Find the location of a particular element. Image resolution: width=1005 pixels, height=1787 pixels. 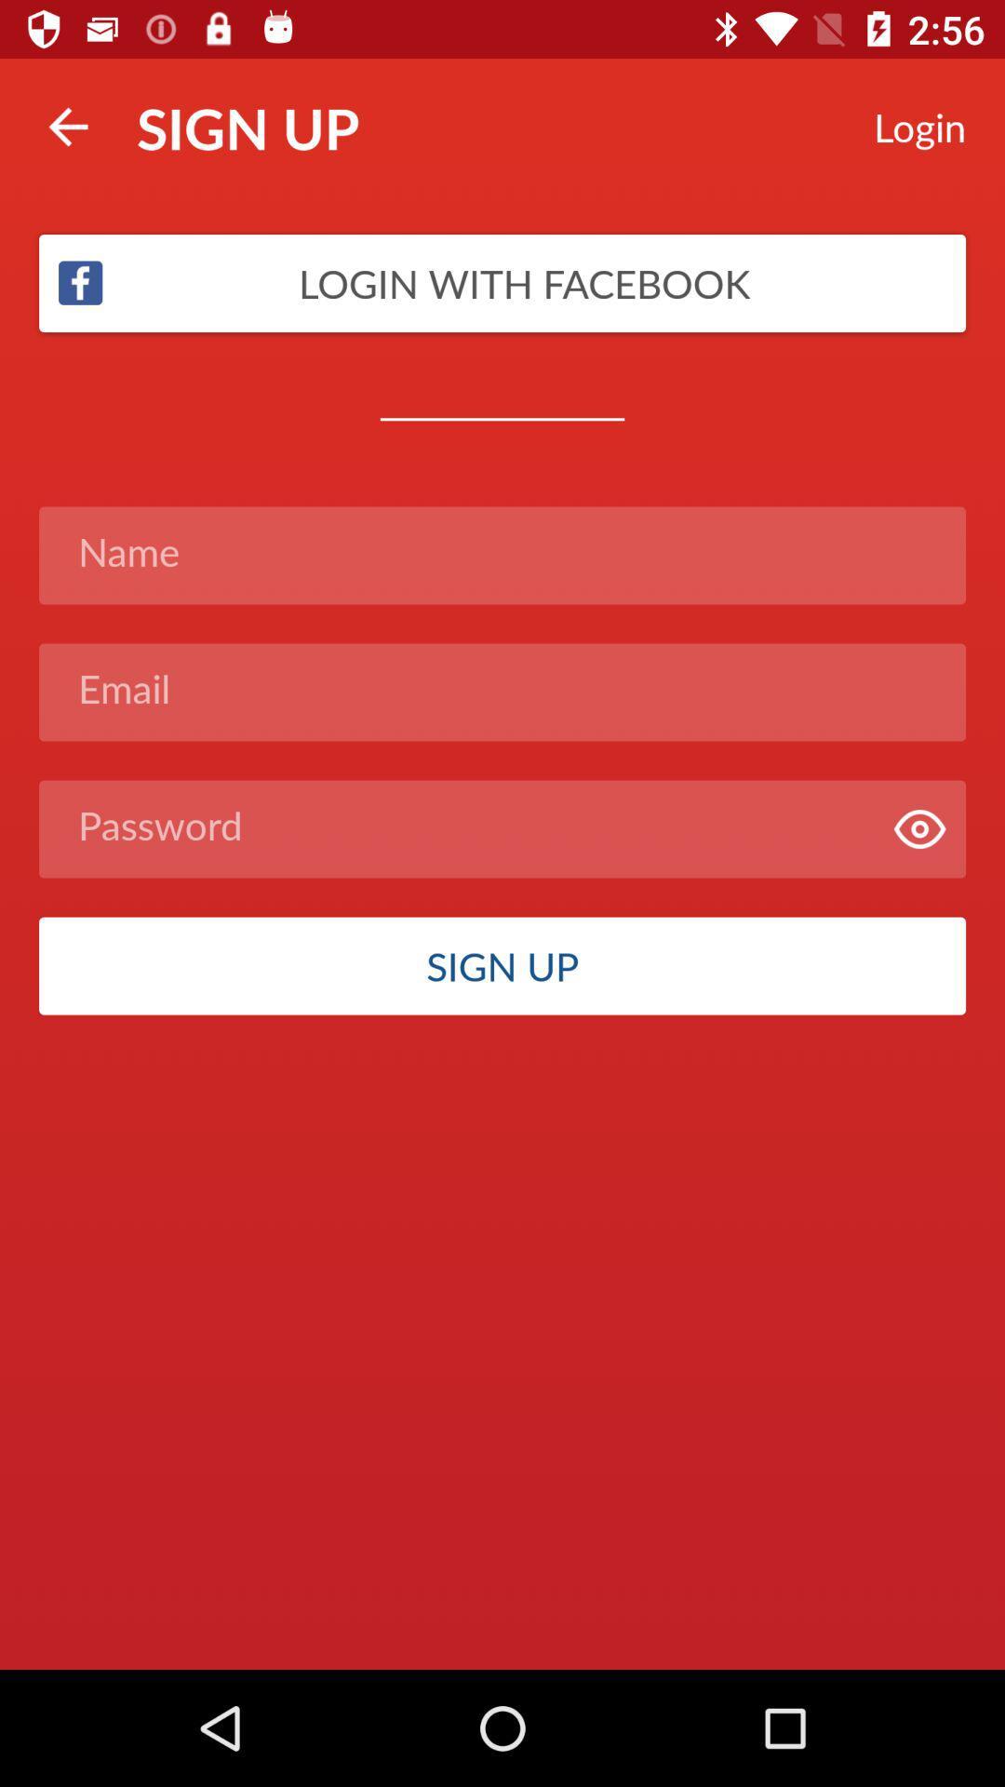

item above the sign up item is located at coordinates (502, 828).